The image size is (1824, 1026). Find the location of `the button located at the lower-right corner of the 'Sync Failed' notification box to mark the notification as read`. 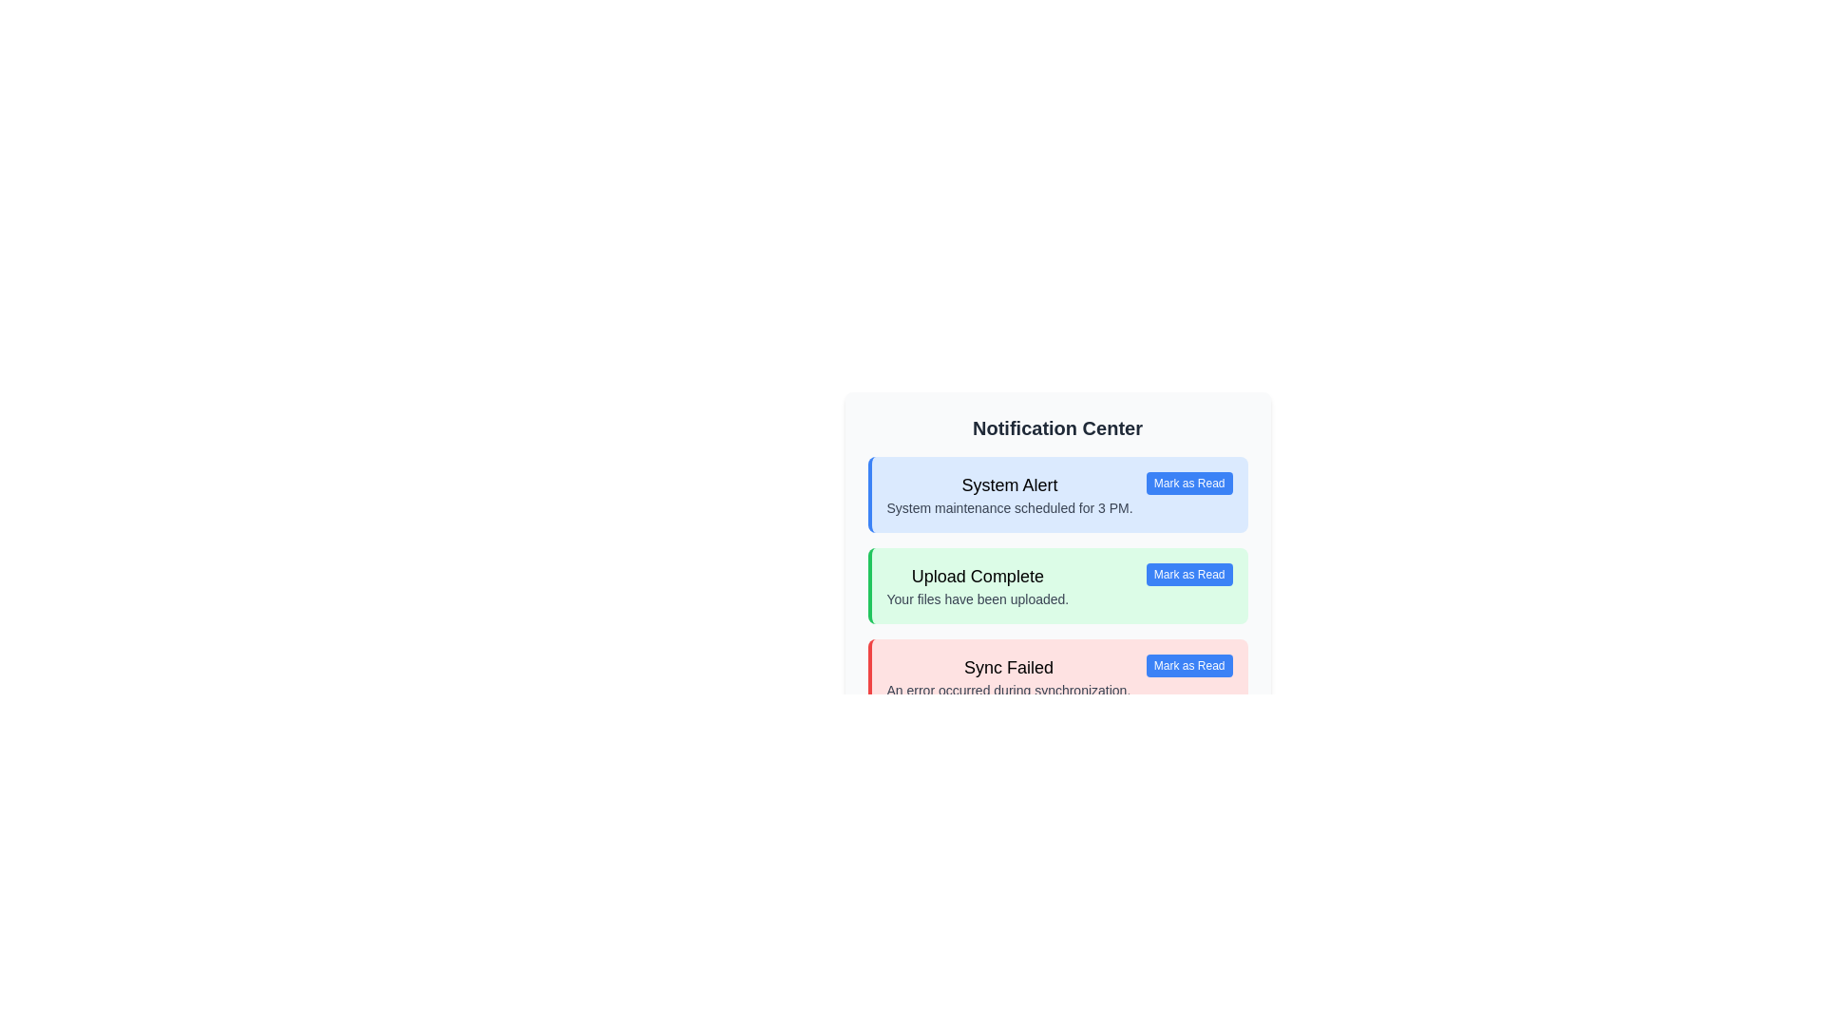

the button located at the lower-right corner of the 'Sync Failed' notification box to mark the notification as read is located at coordinates (1188, 665).